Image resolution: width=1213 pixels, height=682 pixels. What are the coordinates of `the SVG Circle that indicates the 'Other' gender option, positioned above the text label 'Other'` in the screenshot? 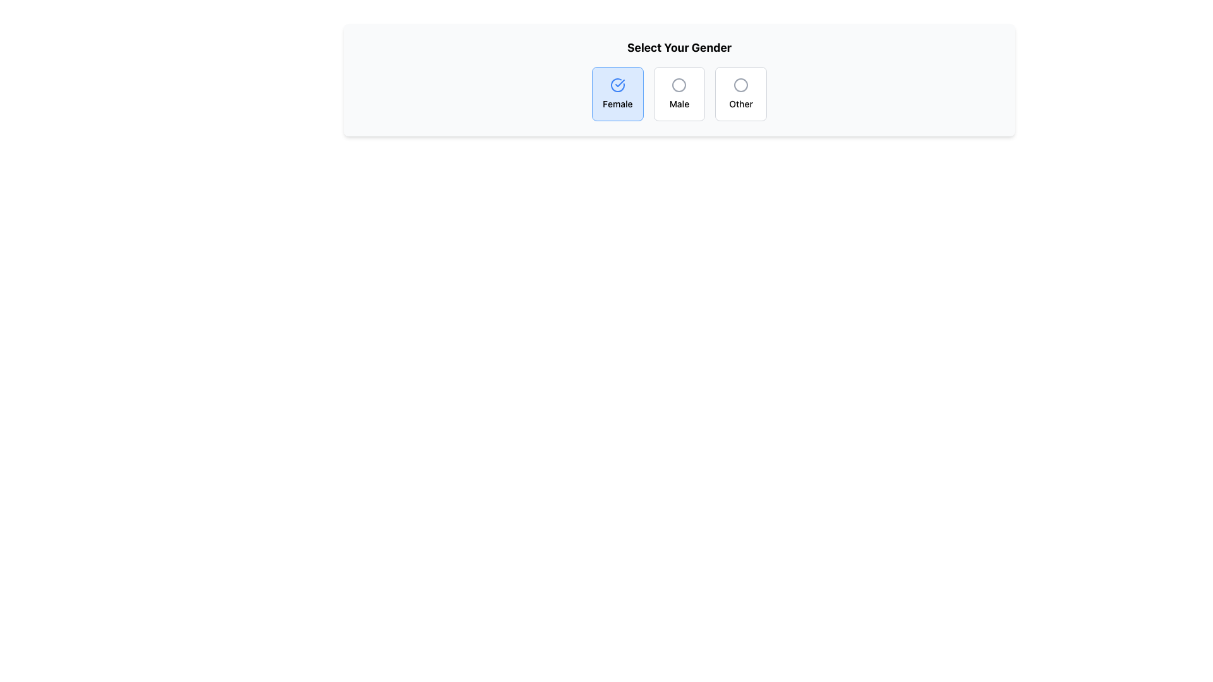 It's located at (741, 85).